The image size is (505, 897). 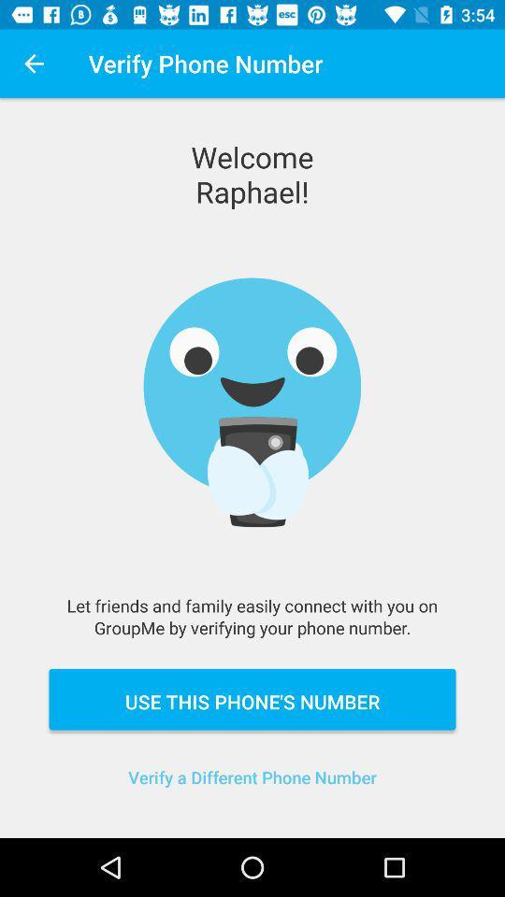 I want to click on app next to the verify phone number item, so click(x=34, y=64).